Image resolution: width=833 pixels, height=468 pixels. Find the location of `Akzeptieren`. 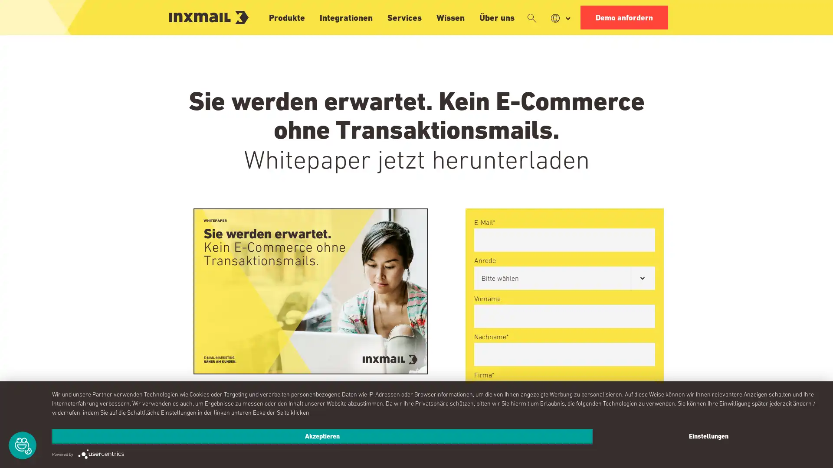

Akzeptieren is located at coordinates (322, 436).